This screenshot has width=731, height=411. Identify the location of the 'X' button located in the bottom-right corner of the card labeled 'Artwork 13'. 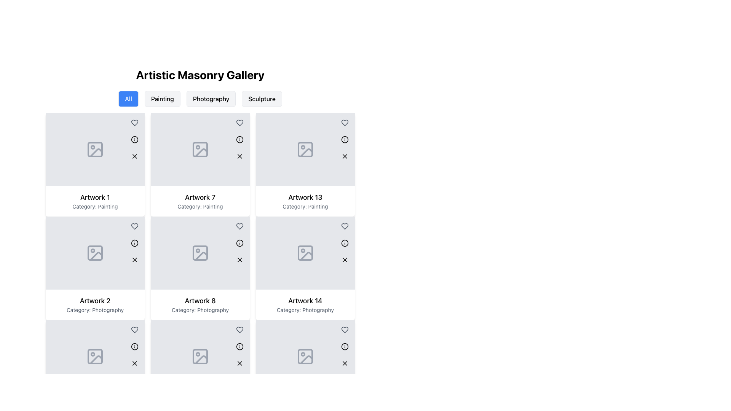
(345, 156).